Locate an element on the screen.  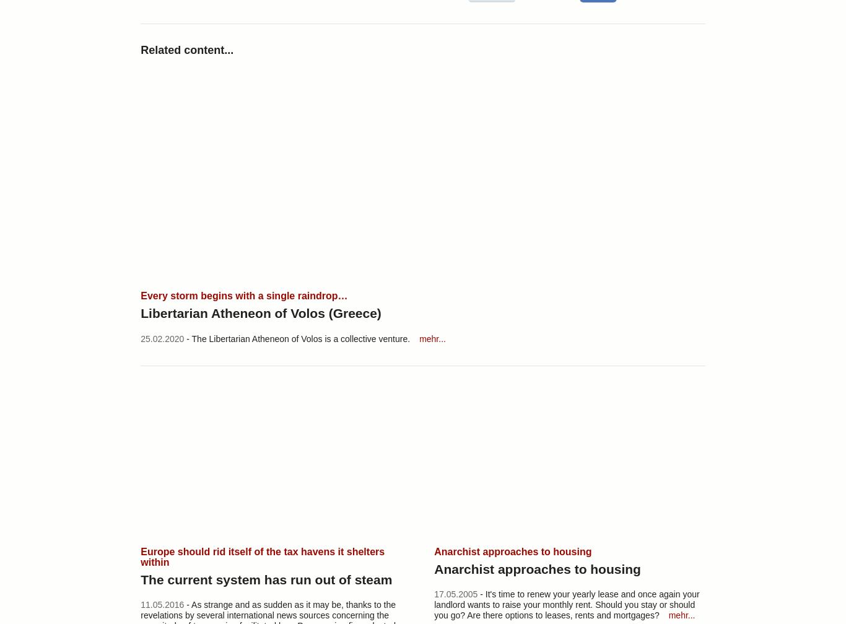
'17.05.2005' is located at coordinates (456, 593).